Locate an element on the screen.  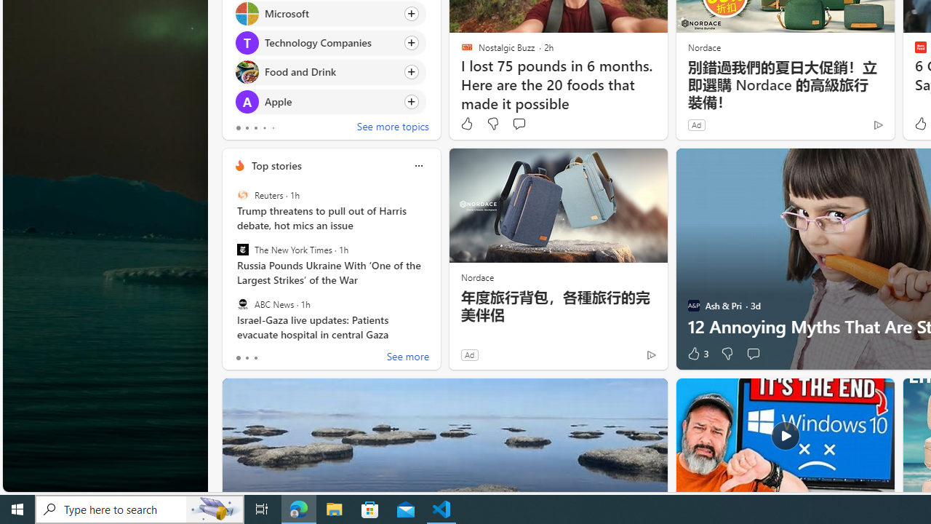
'Microsoft' is located at coordinates (247, 13).